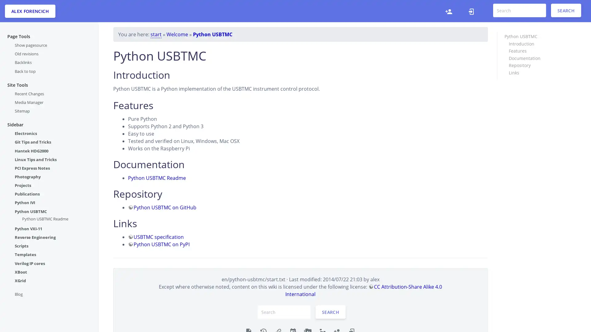  I want to click on SEARCH, so click(330, 312).